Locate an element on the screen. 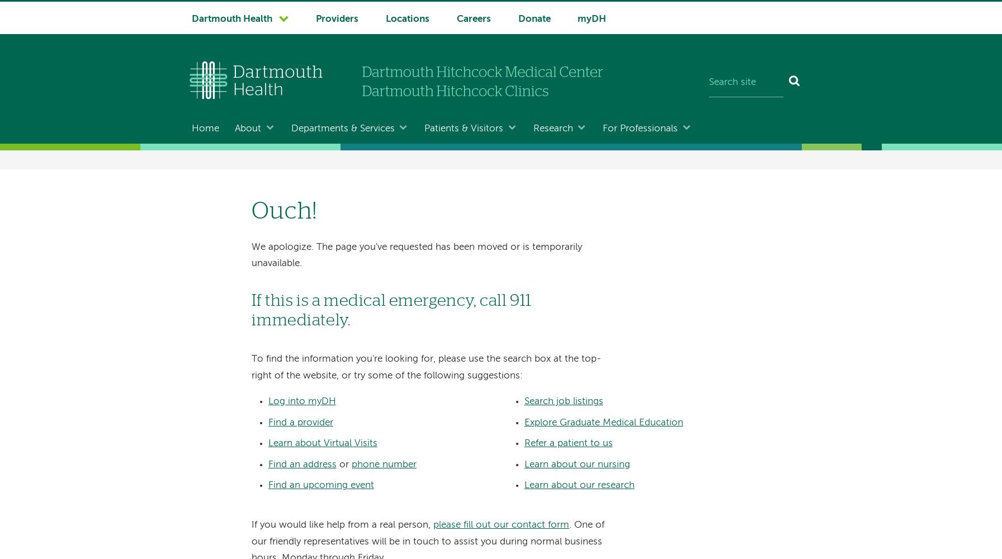  'Patient Wellness & Education' is located at coordinates (459, 294).